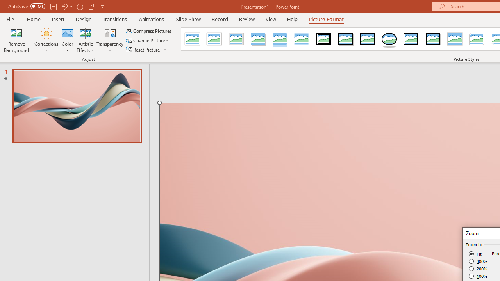 The height and width of the screenshot is (281, 500). What do you see at coordinates (389, 39) in the screenshot?
I see `'Beveled Oval, Black'` at bounding box center [389, 39].